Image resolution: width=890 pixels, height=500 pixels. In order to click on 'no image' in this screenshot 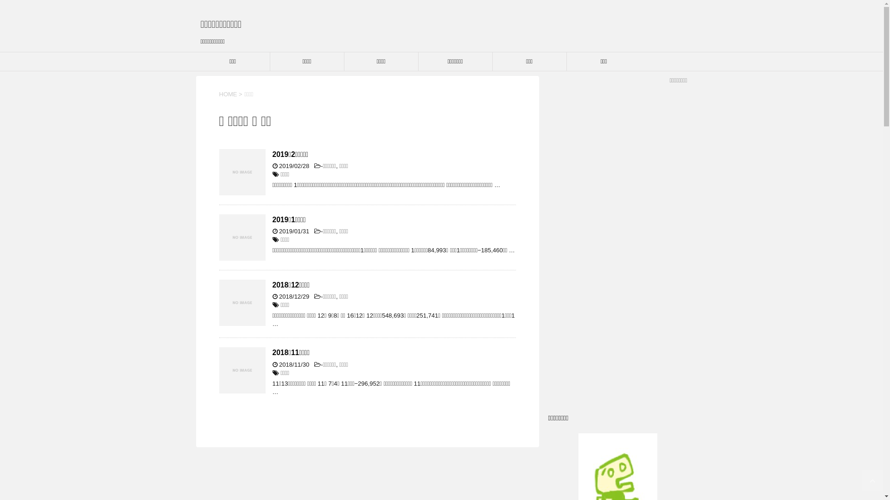, I will do `click(242, 303)`.